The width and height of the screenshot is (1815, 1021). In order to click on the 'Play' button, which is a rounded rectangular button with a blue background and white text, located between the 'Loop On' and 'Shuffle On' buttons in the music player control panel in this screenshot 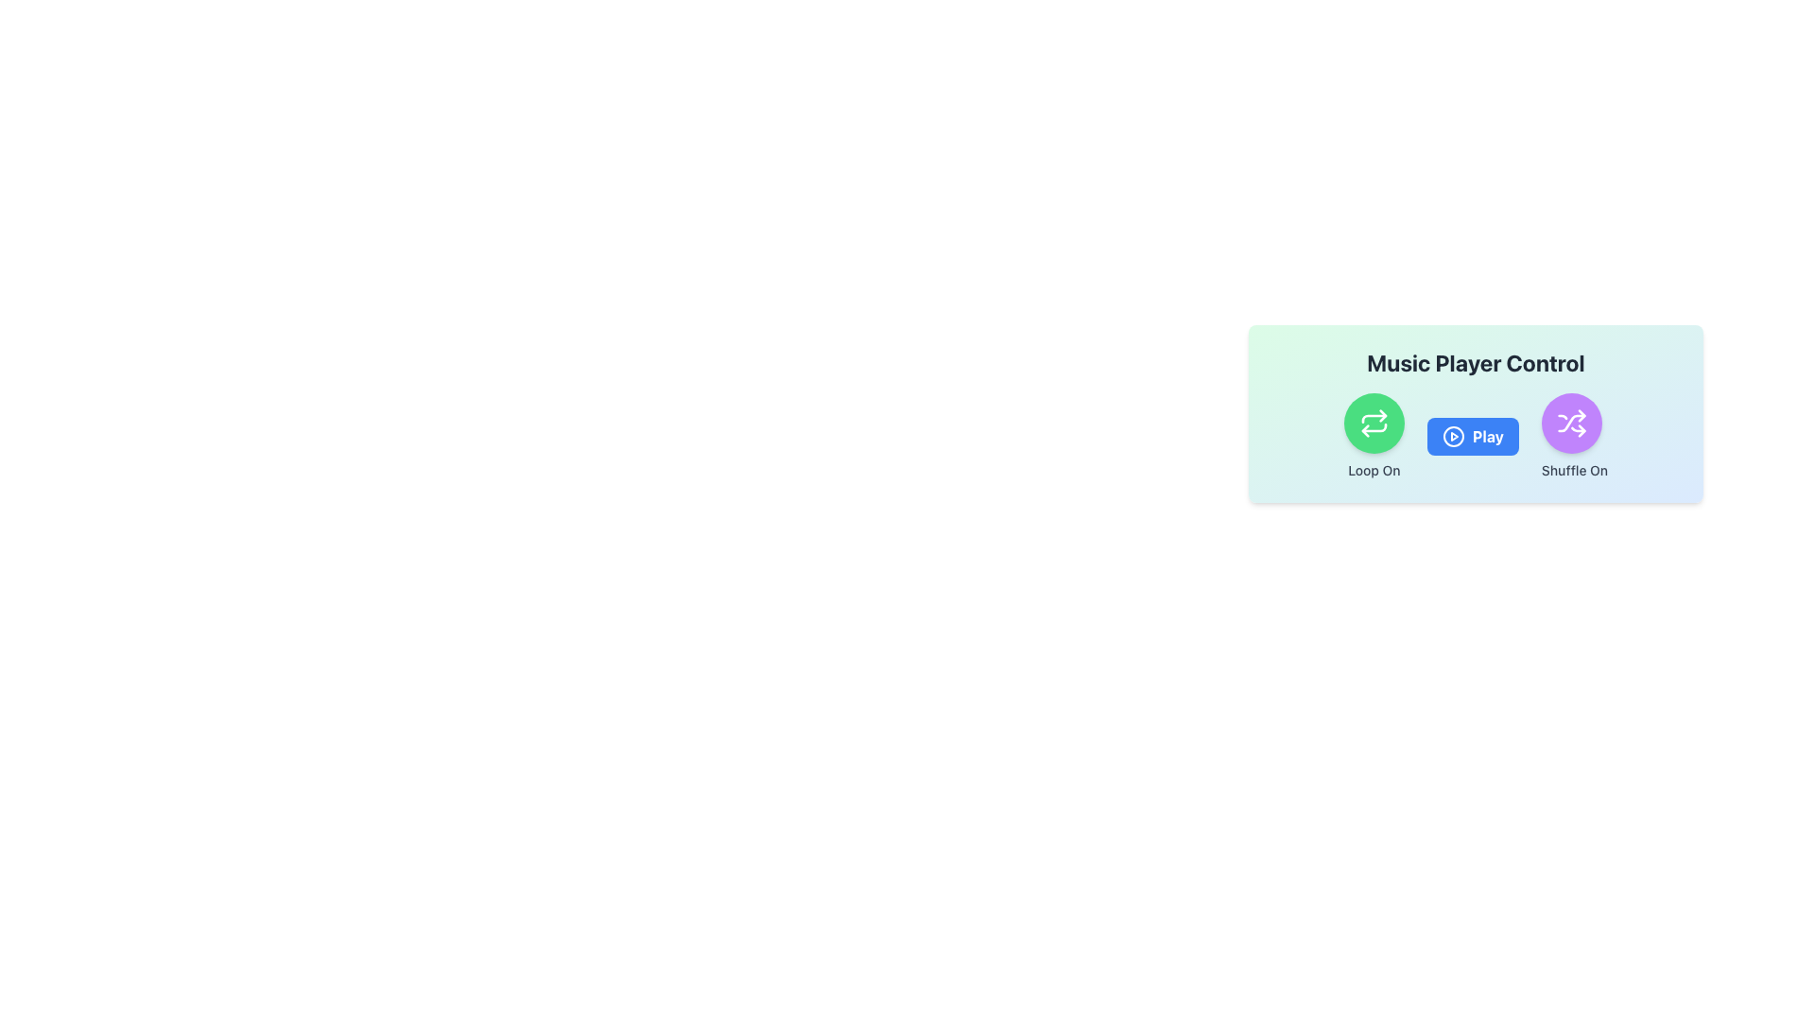, I will do `click(1472, 437)`.